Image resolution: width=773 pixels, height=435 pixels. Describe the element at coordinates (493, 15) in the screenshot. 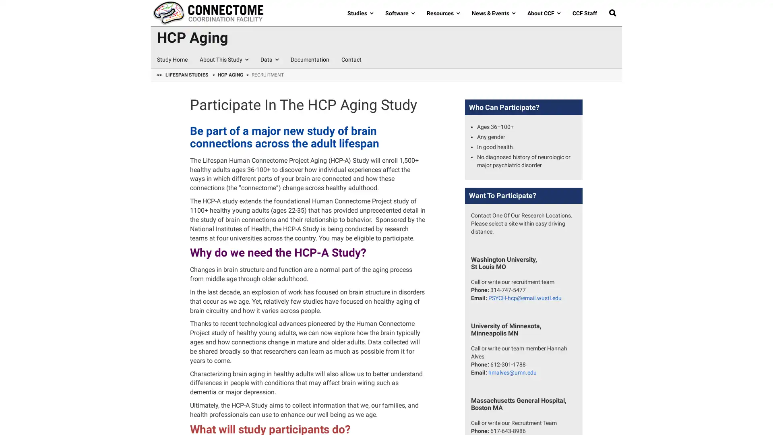

I see `News & Events` at that location.